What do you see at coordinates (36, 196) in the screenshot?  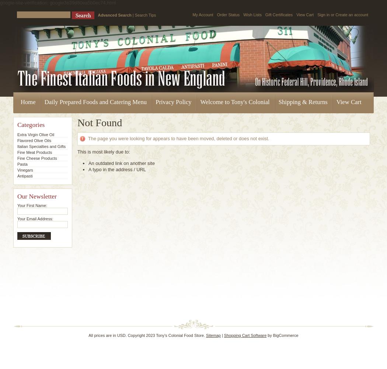 I see `'Our Newsletter'` at bounding box center [36, 196].